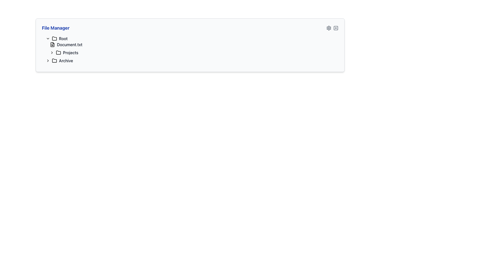 The height and width of the screenshot is (271, 482). What do you see at coordinates (54, 60) in the screenshot?
I see `the folder icon located to the left of the 'Archive' text` at bounding box center [54, 60].